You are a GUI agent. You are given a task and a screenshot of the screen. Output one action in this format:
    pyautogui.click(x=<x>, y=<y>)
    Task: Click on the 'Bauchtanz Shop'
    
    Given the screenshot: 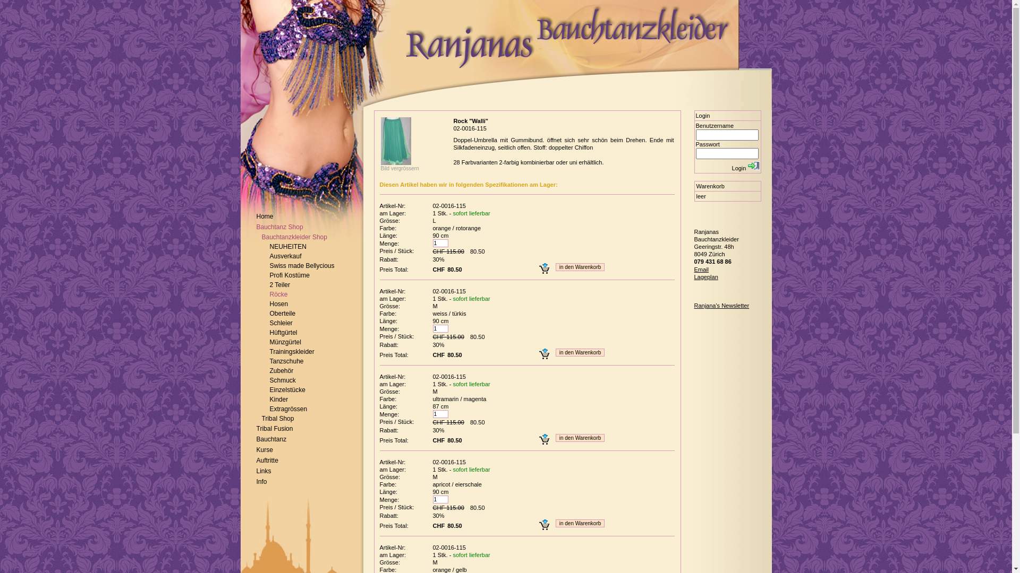 What is the action you would take?
    pyautogui.click(x=279, y=227)
    